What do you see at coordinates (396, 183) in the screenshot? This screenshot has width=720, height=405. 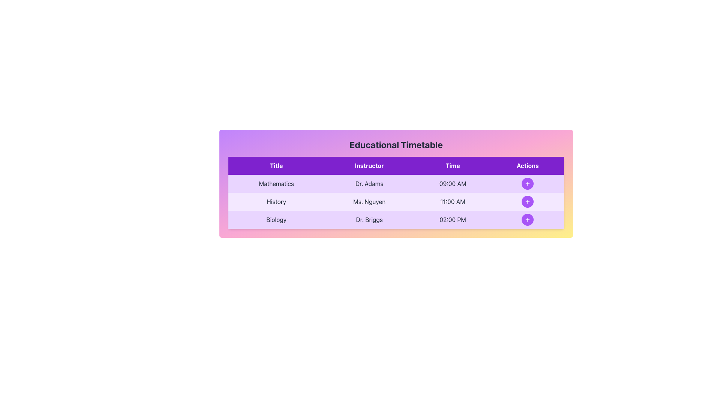 I see `any cell within the 'Educational Timetable' table to interact with the corresponding data` at bounding box center [396, 183].